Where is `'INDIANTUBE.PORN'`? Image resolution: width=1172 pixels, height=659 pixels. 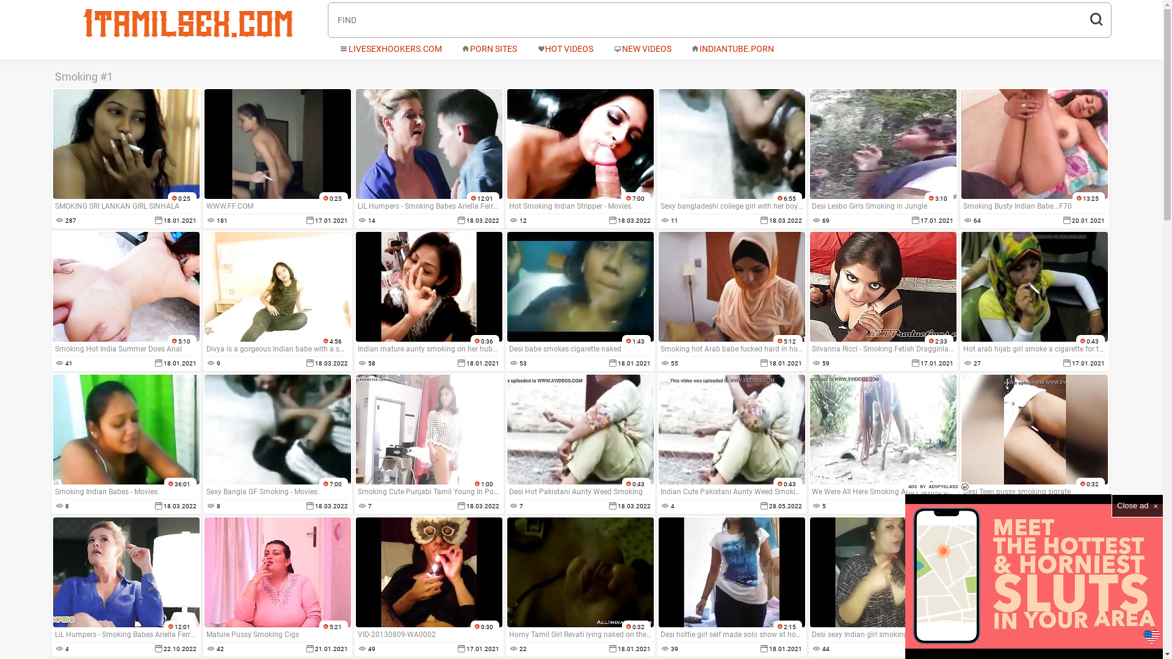 'INDIANTUBE.PORN' is located at coordinates (733, 49).